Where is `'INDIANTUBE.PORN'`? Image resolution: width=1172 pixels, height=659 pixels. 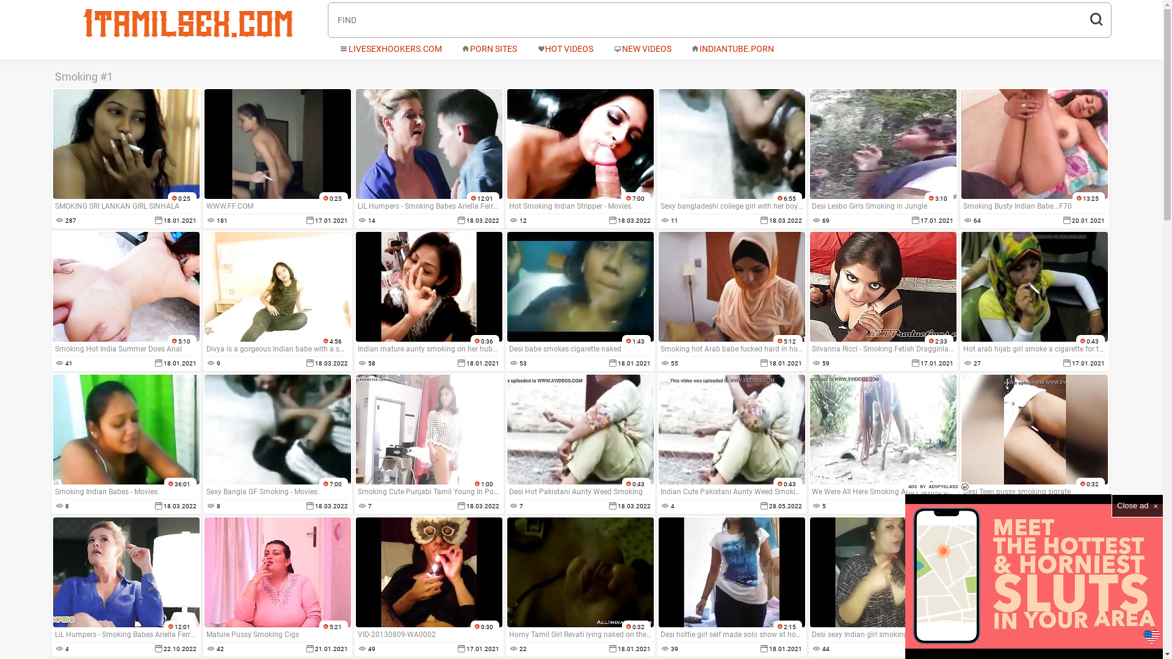 'INDIANTUBE.PORN' is located at coordinates (733, 49).